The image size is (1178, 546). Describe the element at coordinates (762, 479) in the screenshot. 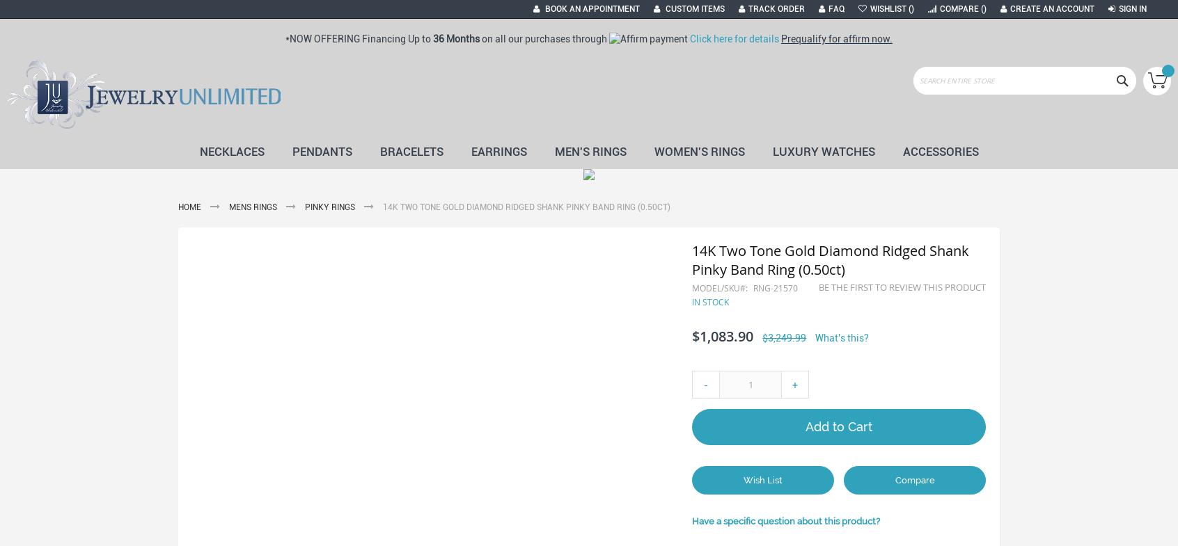

I see `'Wish List'` at that location.